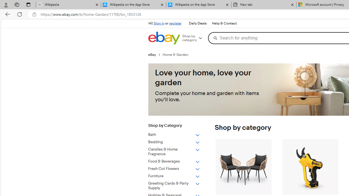 This screenshot has width=349, height=196. What do you see at coordinates (174, 186) in the screenshot?
I see `'Greeting Cards & Party Supply'` at bounding box center [174, 186].